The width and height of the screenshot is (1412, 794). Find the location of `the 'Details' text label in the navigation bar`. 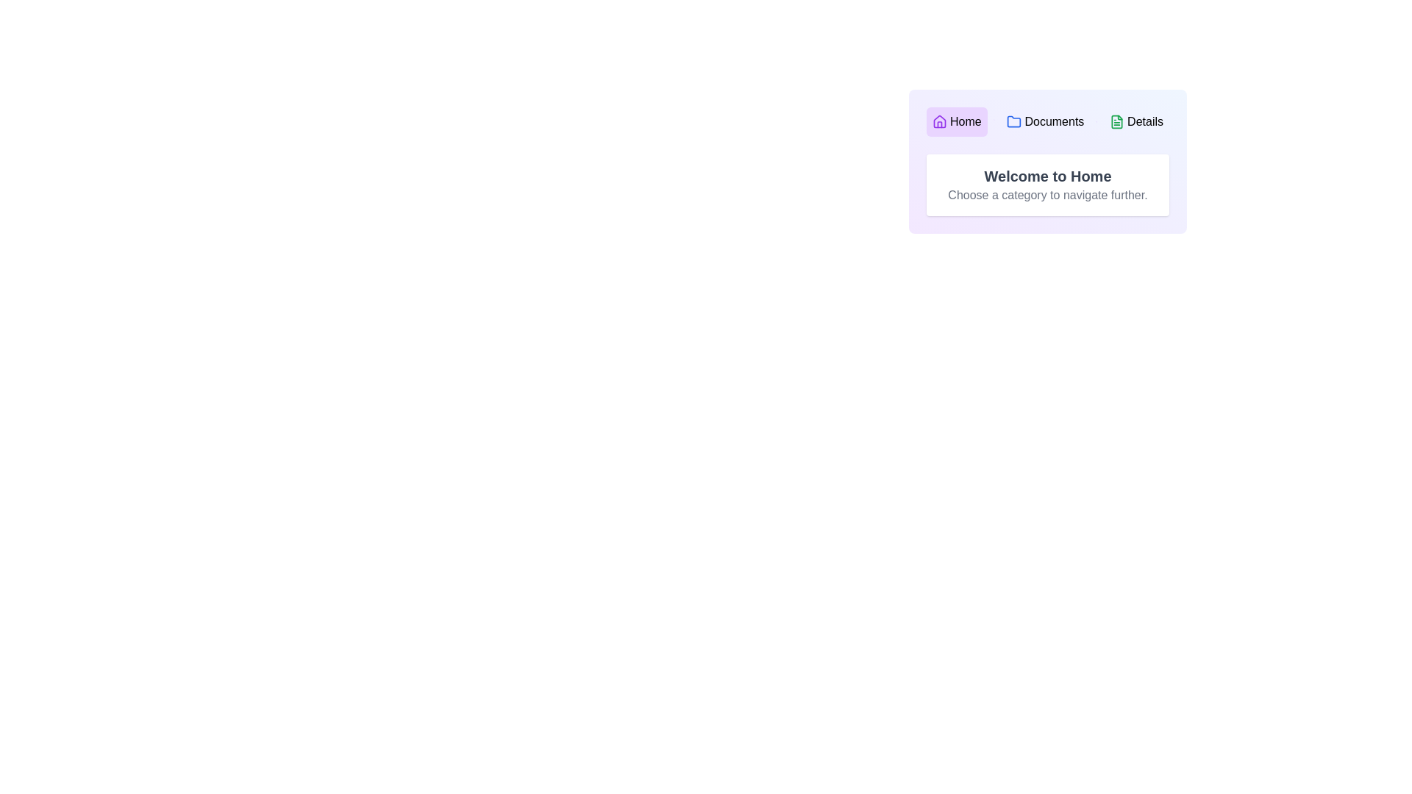

the 'Details' text label in the navigation bar is located at coordinates (1144, 121).